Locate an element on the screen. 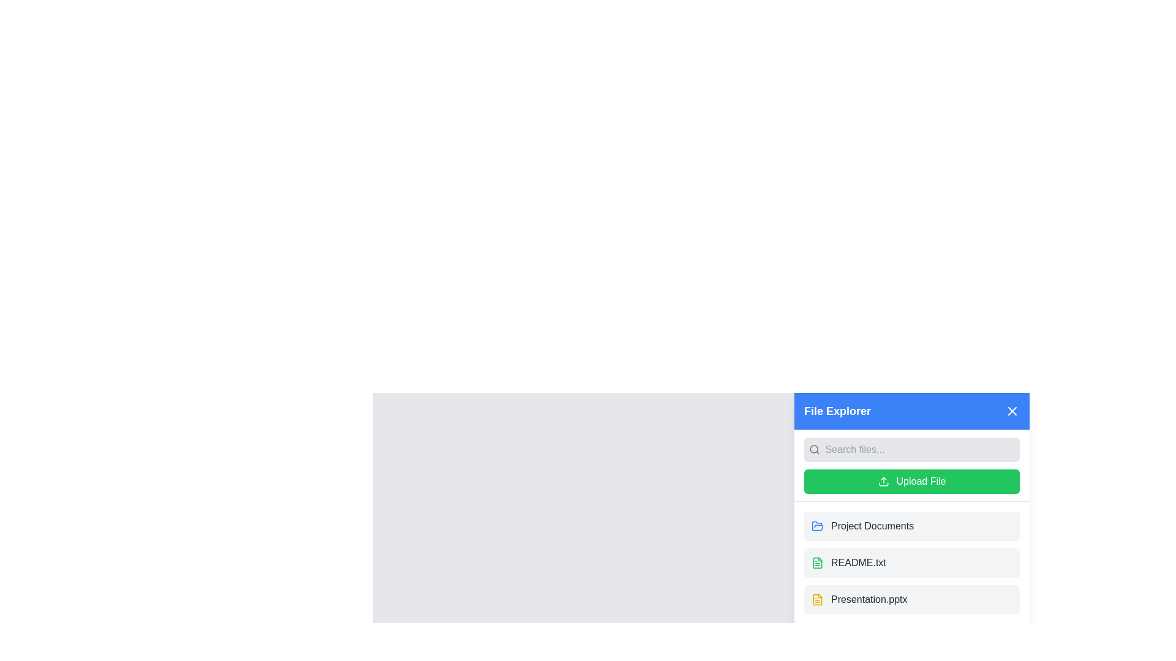 The image size is (1176, 661). the 'Upload File' button with a green background and white text to initiate the file upload process is located at coordinates (911, 480).